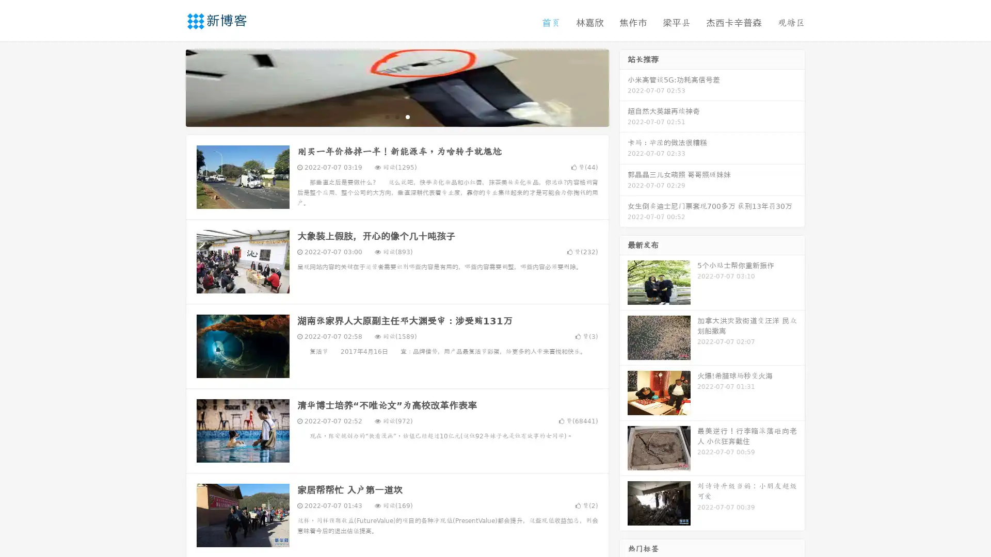 Image resolution: width=991 pixels, height=557 pixels. Describe the element at coordinates (386, 116) in the screenshot. I see `Go to slide 1` at that location.